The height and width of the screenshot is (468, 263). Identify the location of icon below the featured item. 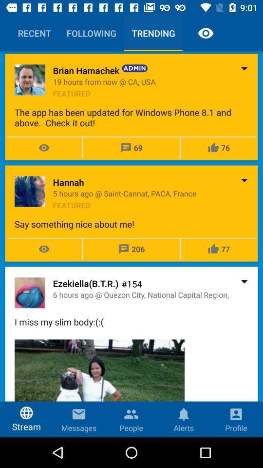
(131, 117).